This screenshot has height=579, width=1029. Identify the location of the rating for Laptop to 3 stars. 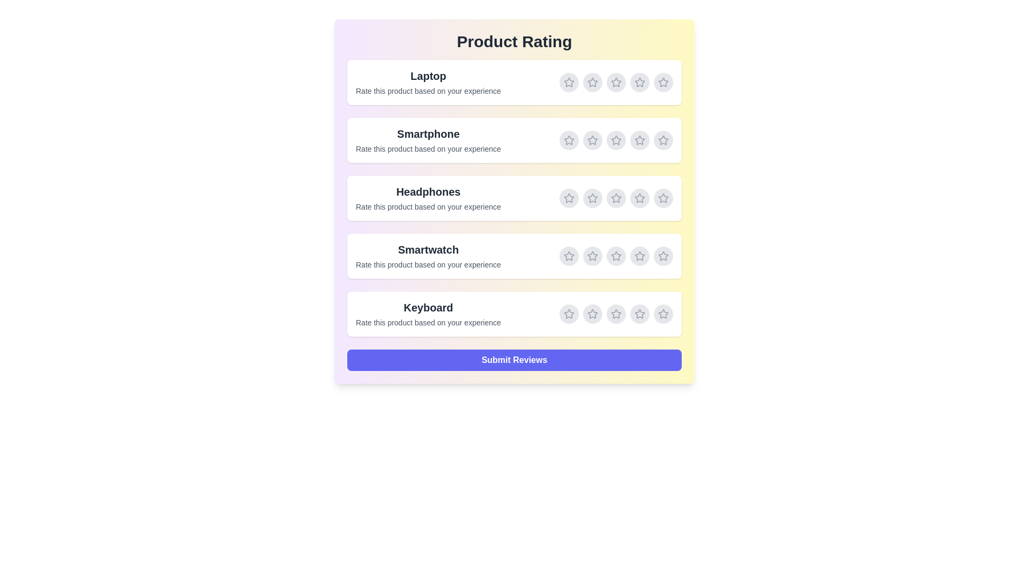
(616, 82).